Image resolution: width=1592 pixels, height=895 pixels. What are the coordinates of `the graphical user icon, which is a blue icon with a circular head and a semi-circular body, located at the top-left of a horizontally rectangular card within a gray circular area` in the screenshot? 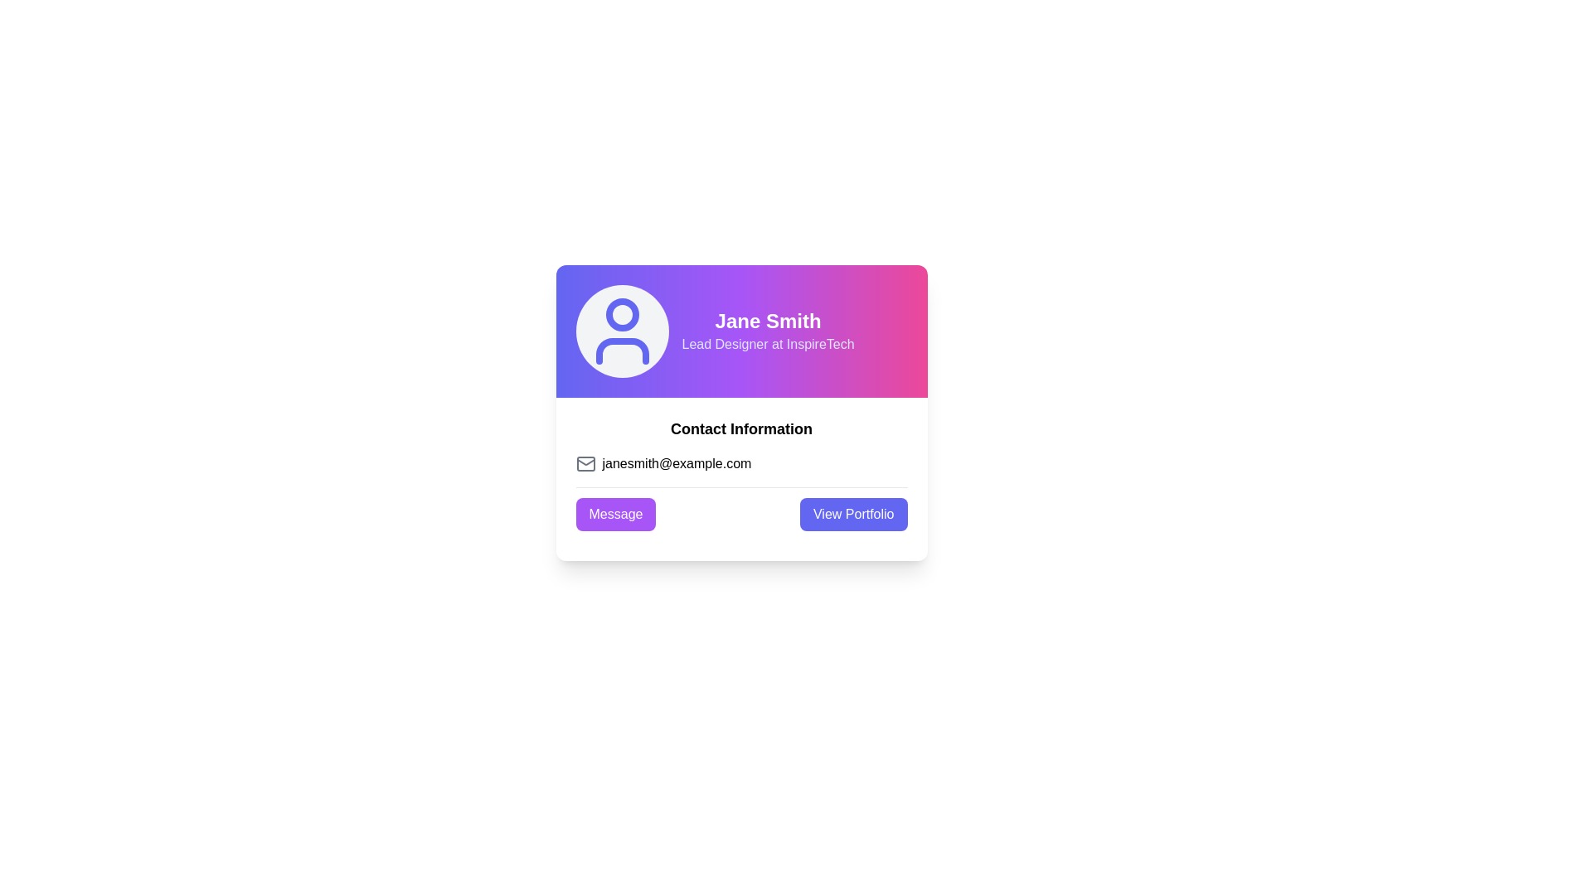 It's located at (621, 331).